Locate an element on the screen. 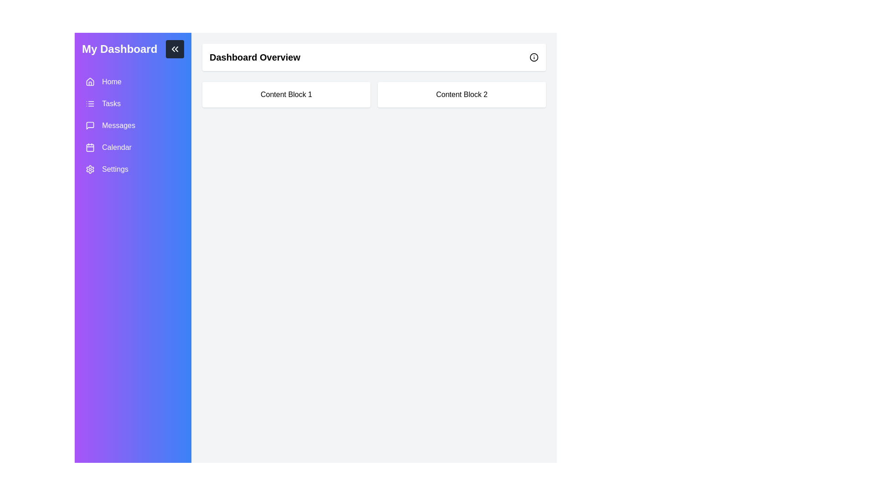  the last menu item link in the vertical menu list on the left sidebar is located at coordinates (133, 169).